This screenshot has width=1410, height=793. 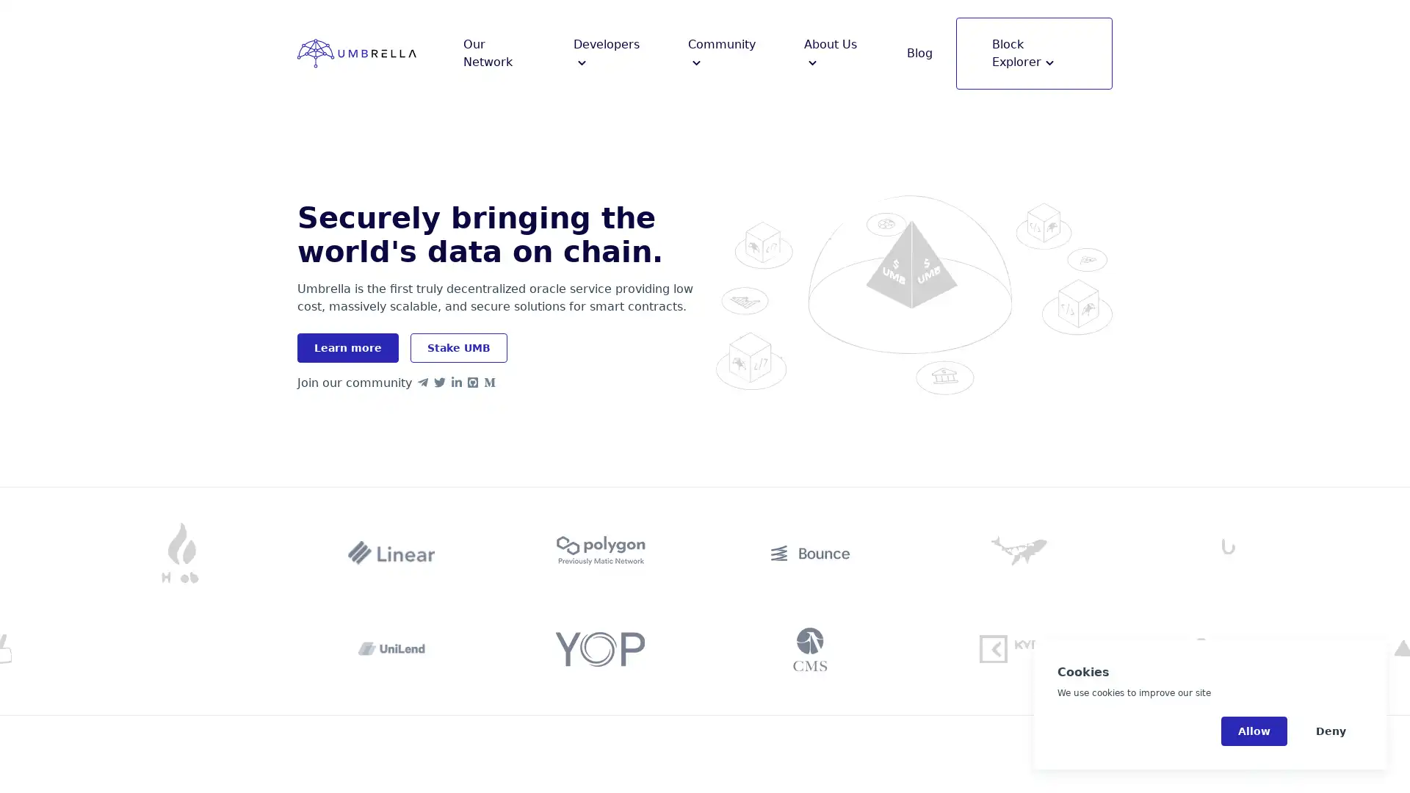 What do you see at coordinates (1254, 731) in the screenshot?
I see `Allow` at bounding box center [1254, 731].